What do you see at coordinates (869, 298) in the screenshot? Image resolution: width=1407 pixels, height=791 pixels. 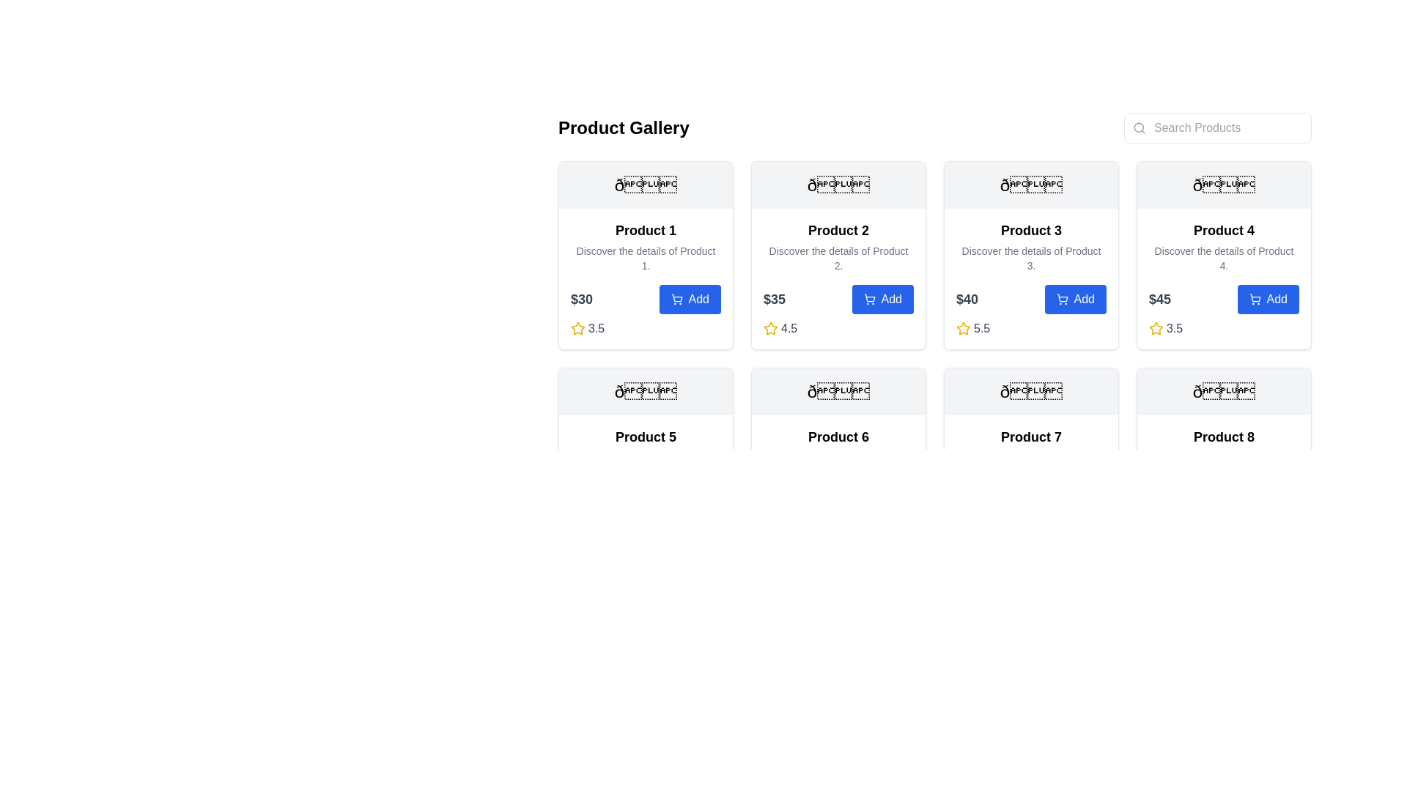 I see `the icon embedded within the blue 'Add' button for 'Product 2' in the product gallery grid` at bounding box center [869, 298].